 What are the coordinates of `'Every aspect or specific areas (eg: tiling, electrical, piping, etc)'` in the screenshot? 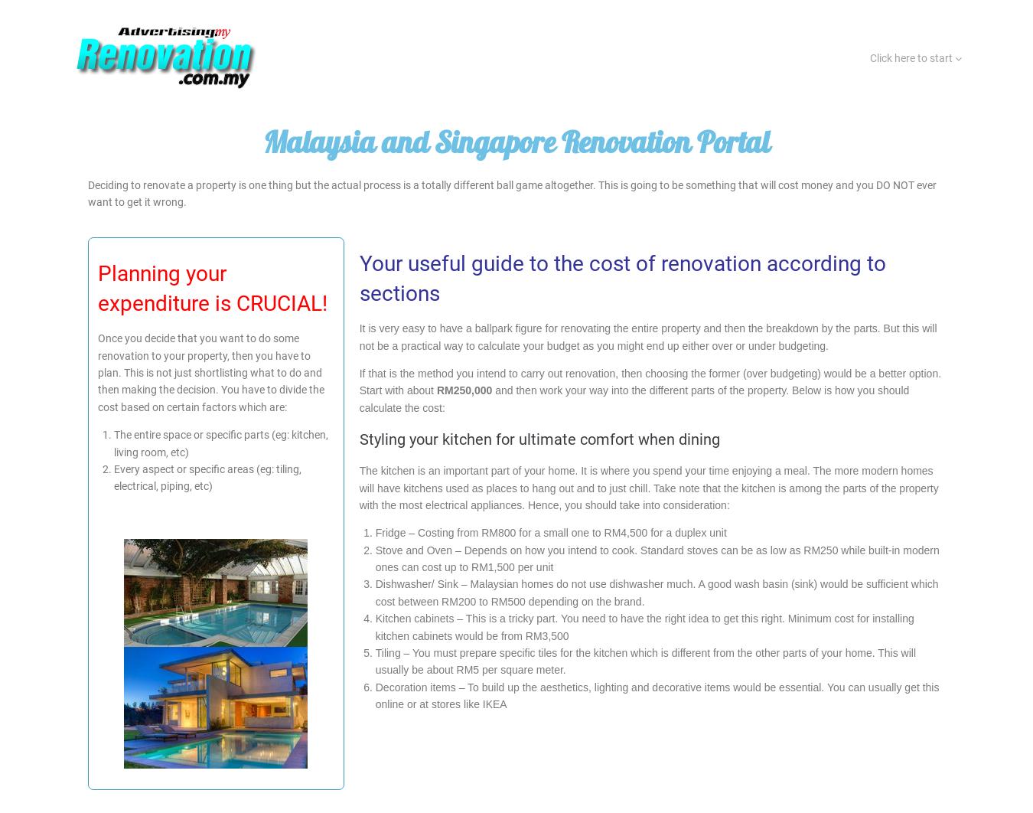 It's located at (114, 477).